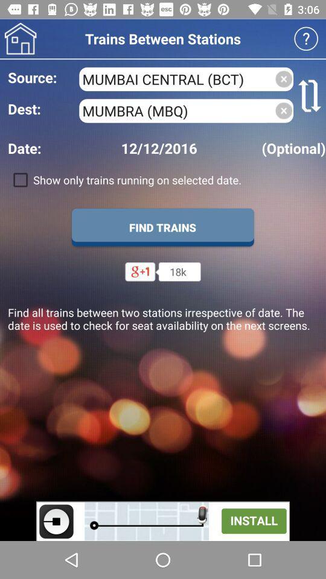 The height and width of the screenshot is (579, 326). What do you see at coordinates (284, 78) in the screenshot?
I see `clear source` at bounding box center [284, 78].